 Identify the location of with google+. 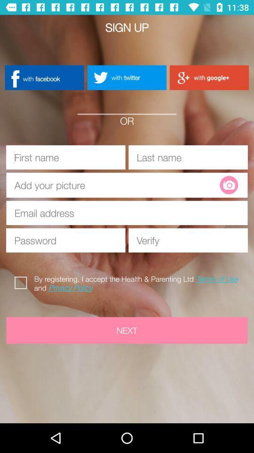
(209, 77).